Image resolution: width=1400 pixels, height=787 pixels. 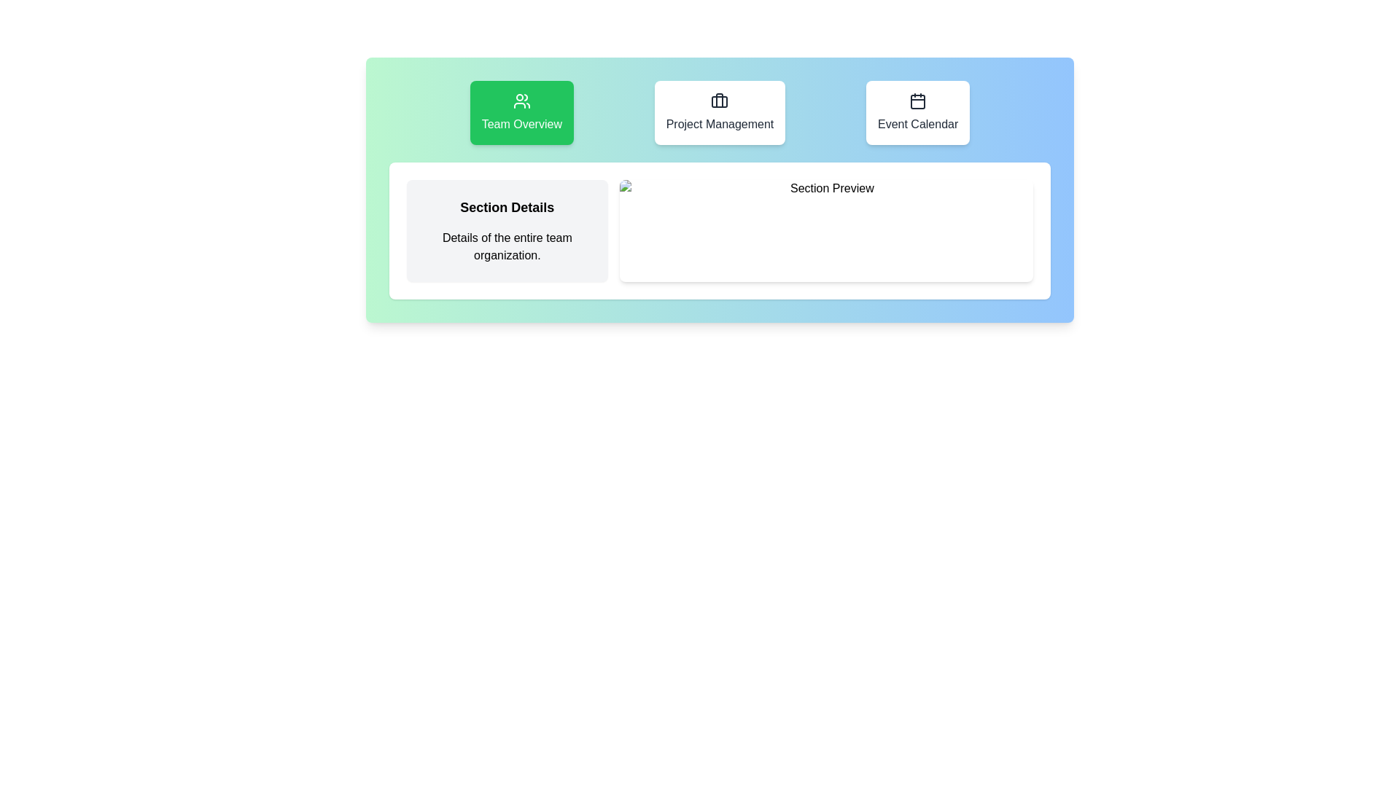 I want to click on the 'Event Calendar' button, which is the third button in a group of three, located at the top-right section of the interface to change its background color, so click(x=917, y=111).